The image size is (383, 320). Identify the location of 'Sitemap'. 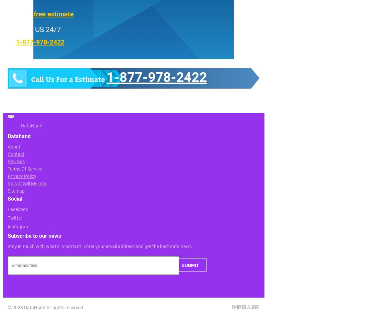
(8, 190).